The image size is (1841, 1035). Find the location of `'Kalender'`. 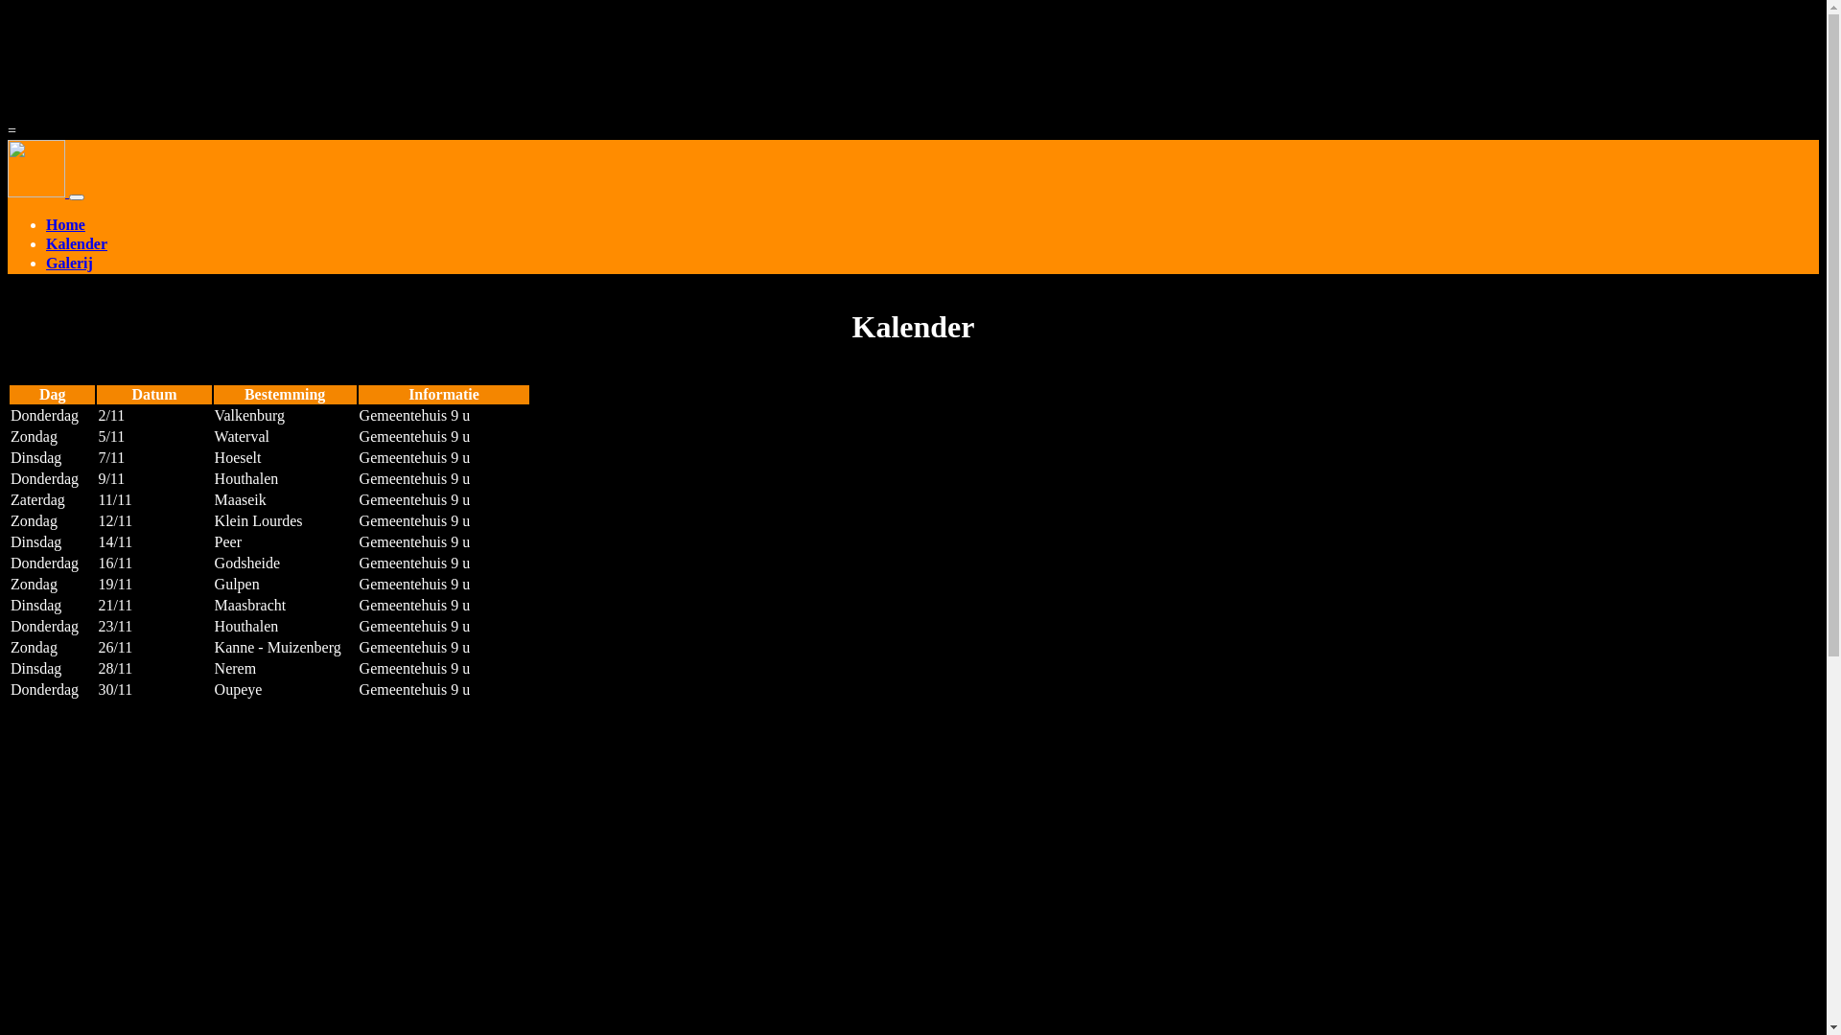

'Kalender' is located at coordinates (932, 243).